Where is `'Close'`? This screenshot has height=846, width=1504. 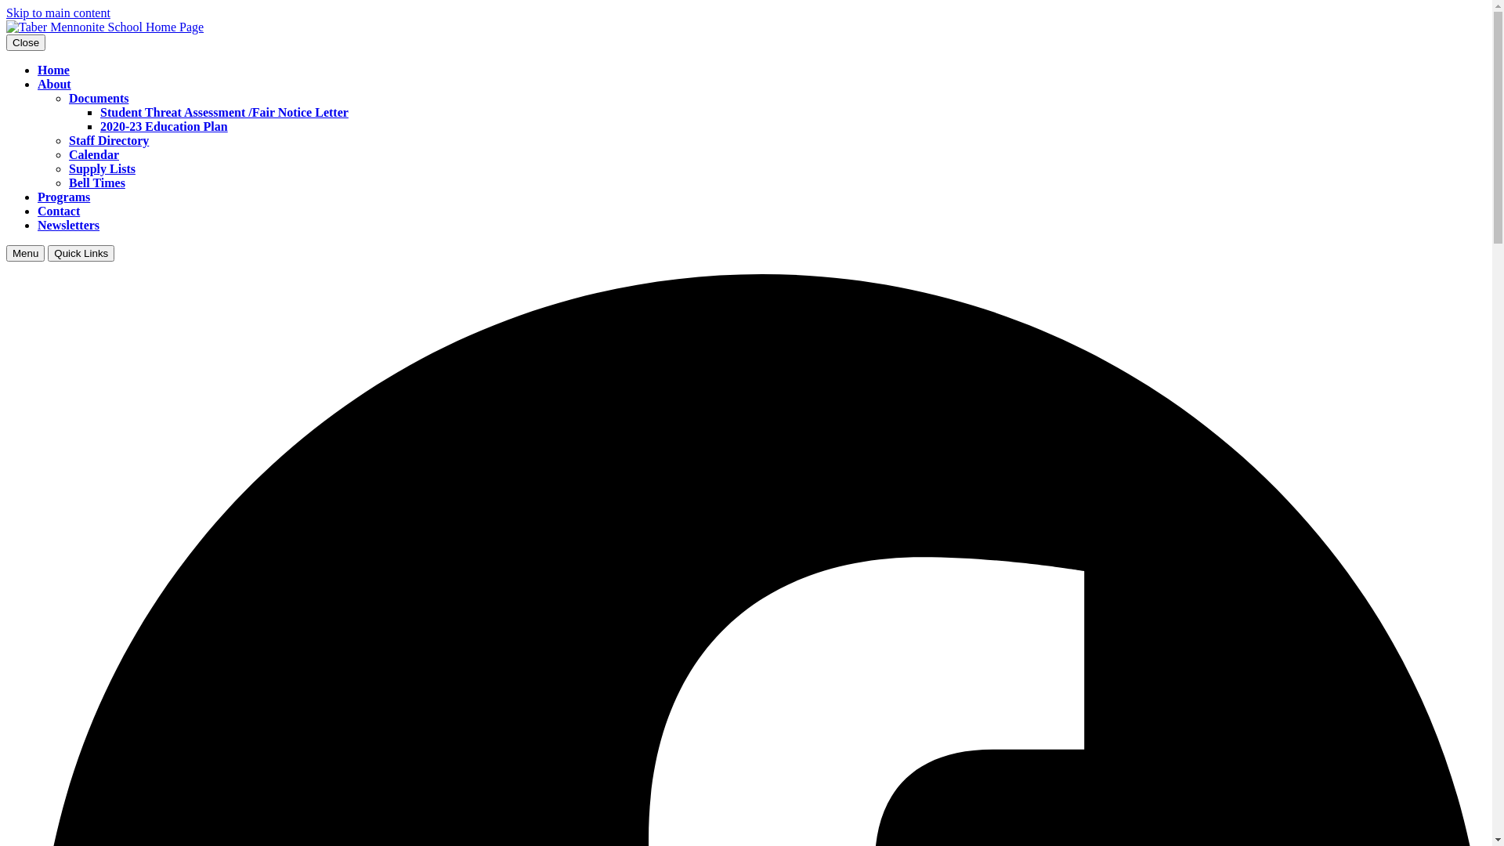
'Close' is located at coordinates (26, 42).